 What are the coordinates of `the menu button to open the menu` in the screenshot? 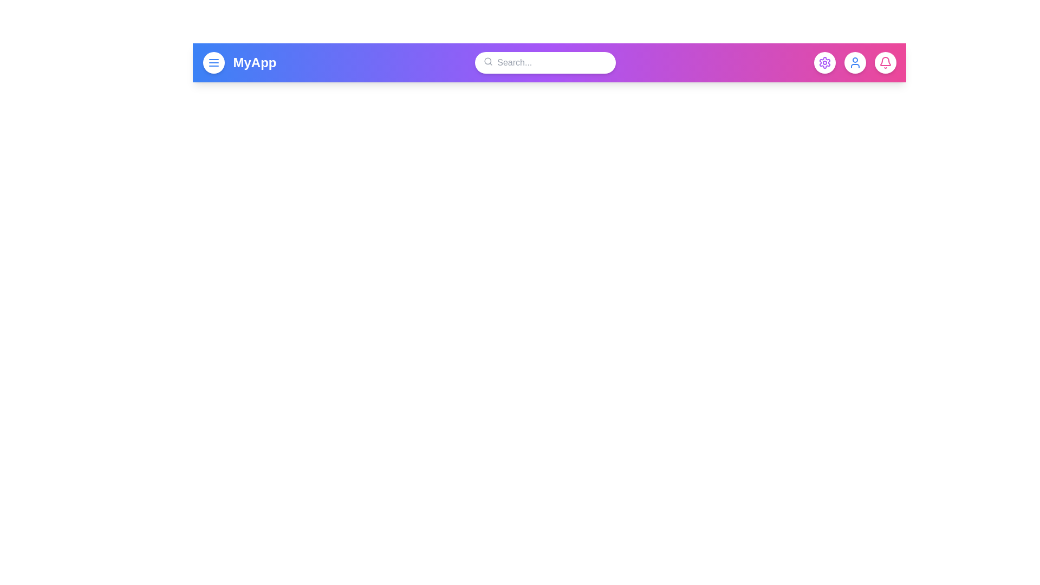 It's located at (213, 62).